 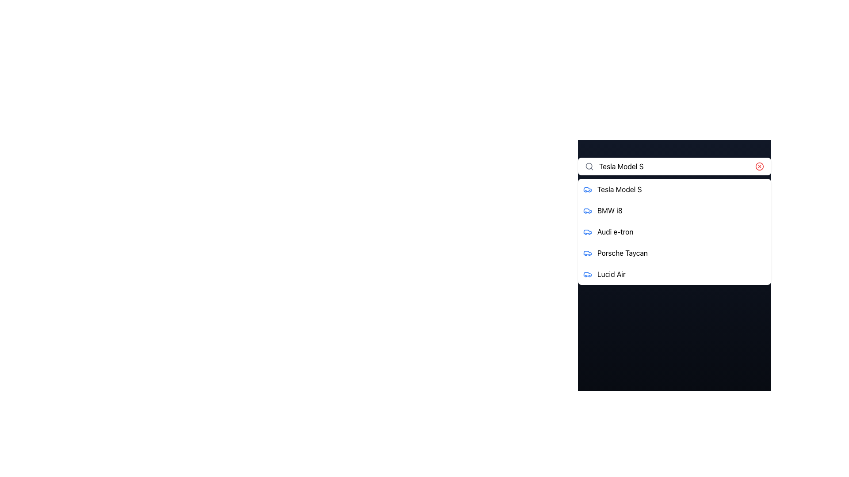 I want to click on the list item displaying 'Audi e-tron', which is the third item in the list, positioned between 'BMW i8' and 'Porsche Taycan', so click(x=674, y=231).